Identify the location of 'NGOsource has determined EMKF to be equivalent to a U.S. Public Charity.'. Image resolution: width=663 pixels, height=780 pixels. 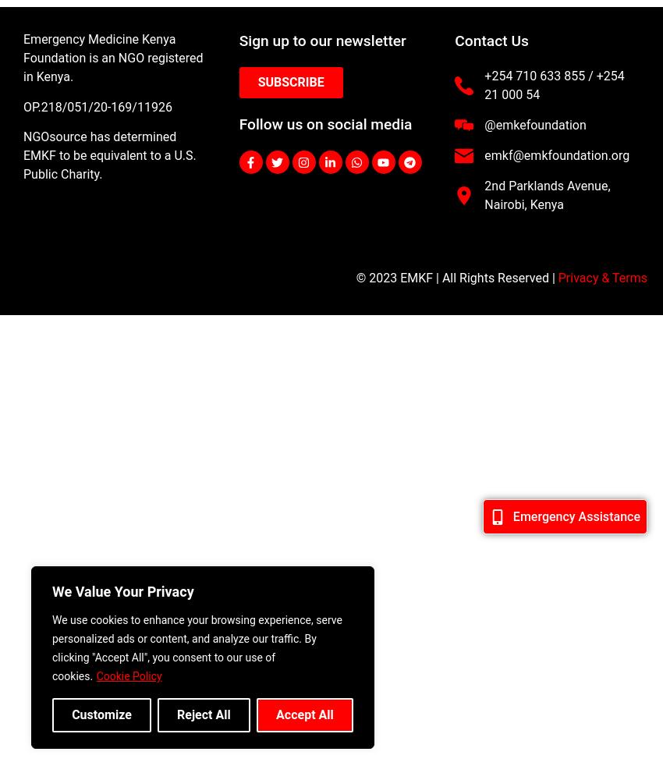
(109, 154).